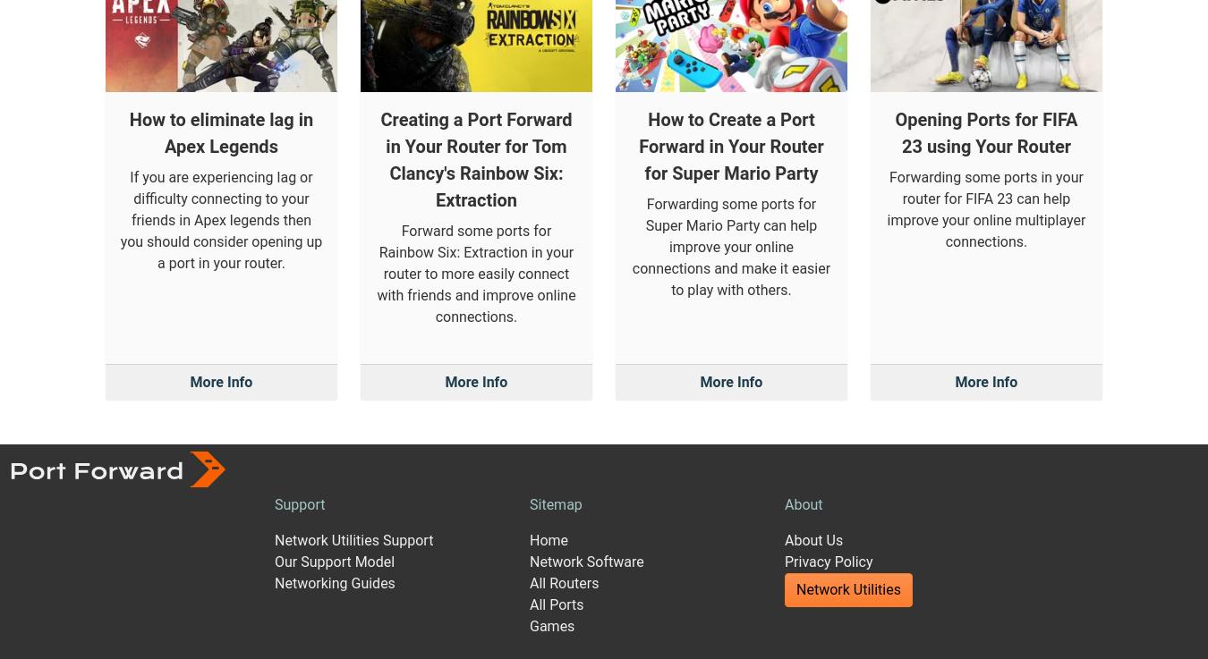 This screenshot has height=659, width=1208. Describe the element at coordinates (564, 410) in the screenshot. I see `'All Routers'` at that location.